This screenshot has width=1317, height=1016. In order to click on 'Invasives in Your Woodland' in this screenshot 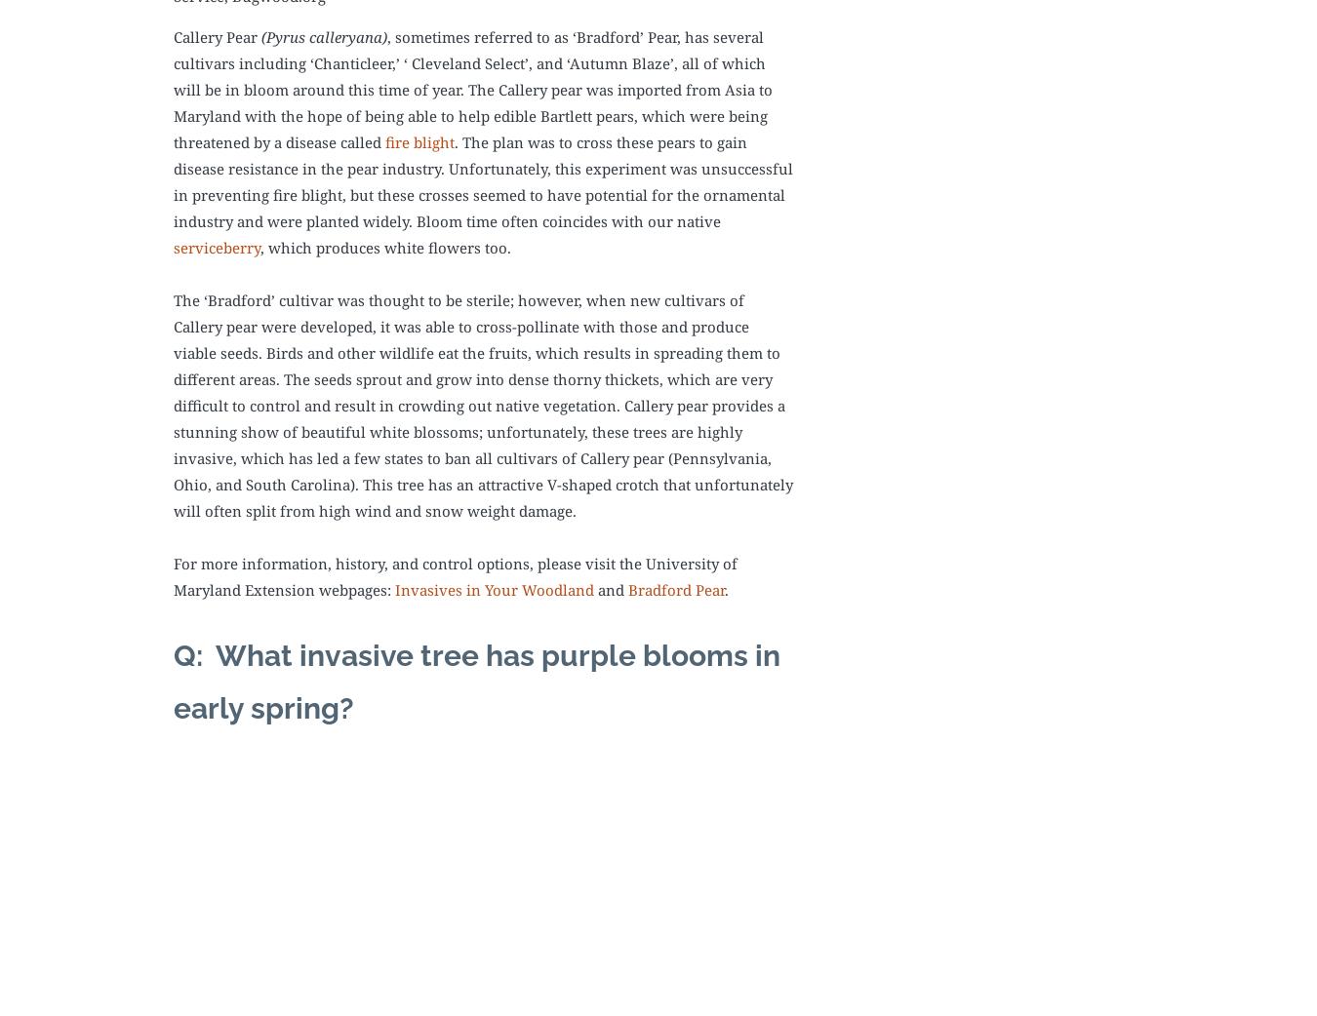, I will do `click(494, 588)`.